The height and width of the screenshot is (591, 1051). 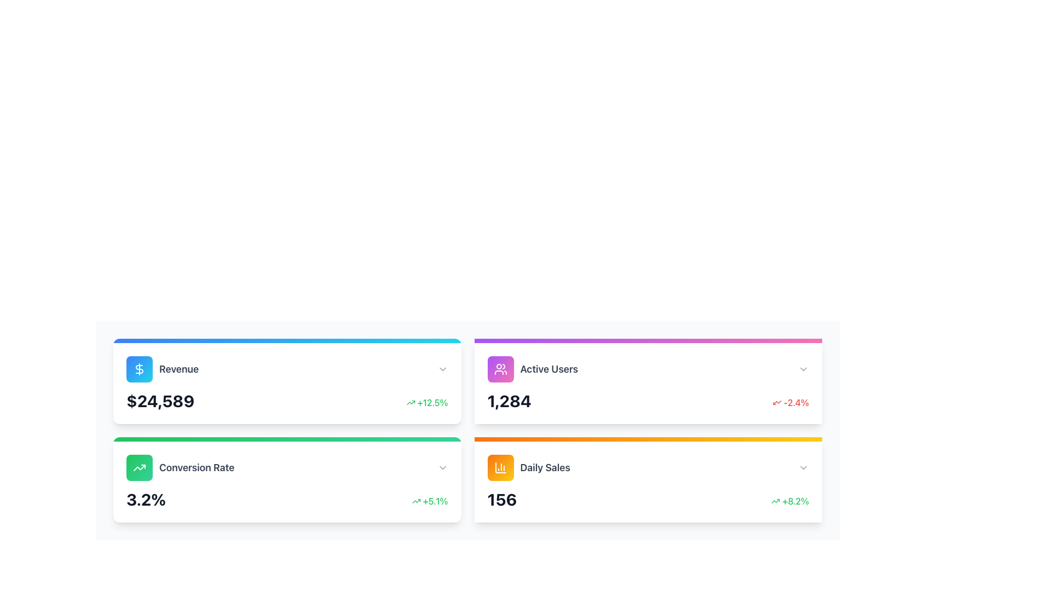 What do you see at coordinates (790, 501) in the screenshot?
I see `the text and icon element displaying the percentage growth metric related to daily sales, located to the right of the numerical value '156' in the bottom-right section of the 'Daily Sales' card` at bounding box center [790, 501].